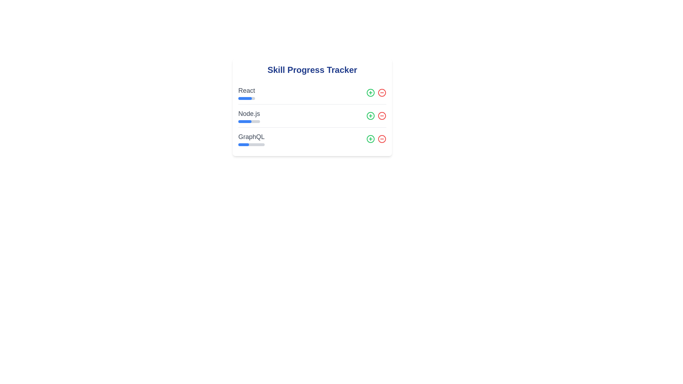  Describe the element at coordinates (370, 92) in the screenshot. I see `'+' button for the skill React to increase its progress` at that location.